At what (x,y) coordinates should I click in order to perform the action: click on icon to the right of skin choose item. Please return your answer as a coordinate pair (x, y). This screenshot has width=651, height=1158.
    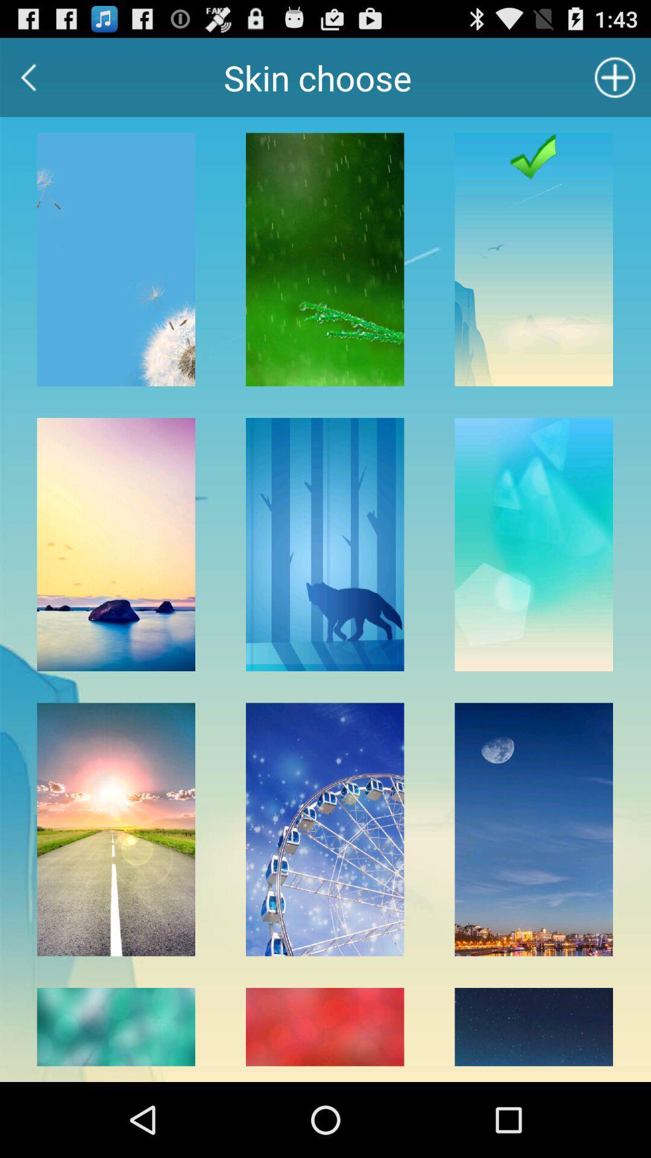
    Looking at the image, I should click on (615, 77).